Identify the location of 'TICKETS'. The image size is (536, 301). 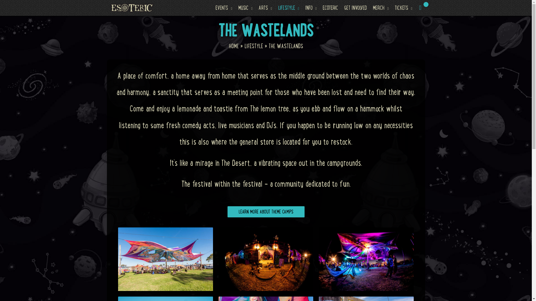
(403, 8).